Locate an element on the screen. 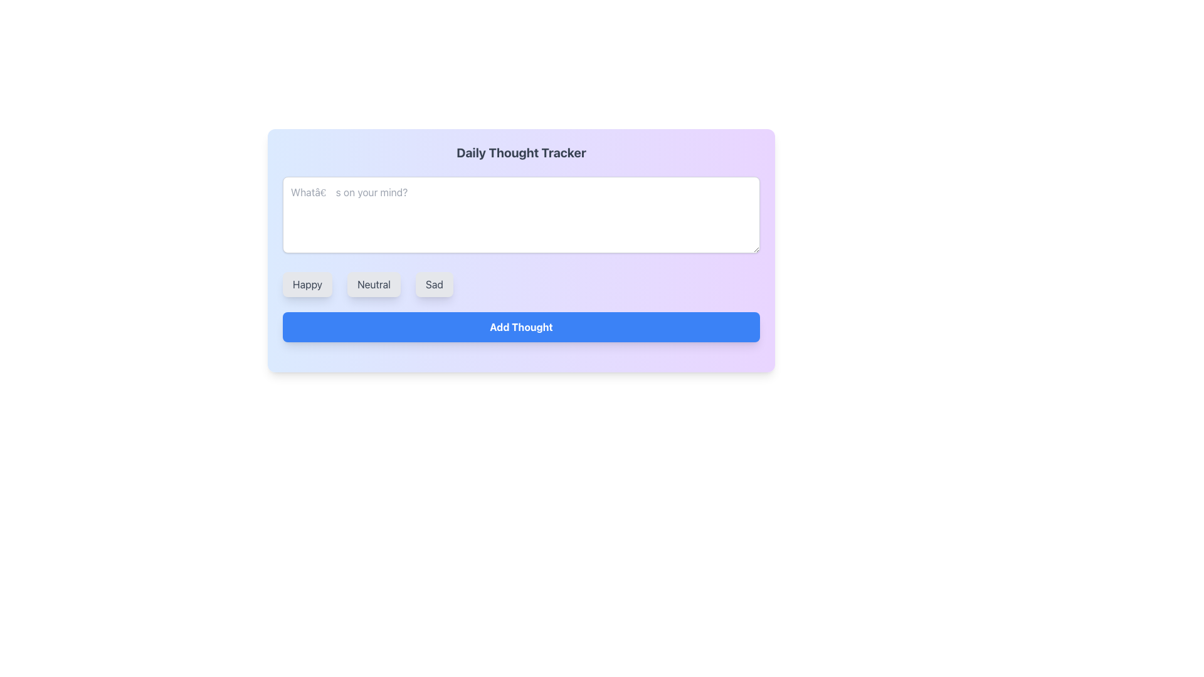 The width and height of the screenshot is (1204, 677). the 'Happy' button, which is a rectangular button with rounded corners, filled with a light gray background and contains the text 'Happy' in medium-dark gray font, positioned below the input textbox labeled 'What's on your mind?' is located at coordinates (307, 285).